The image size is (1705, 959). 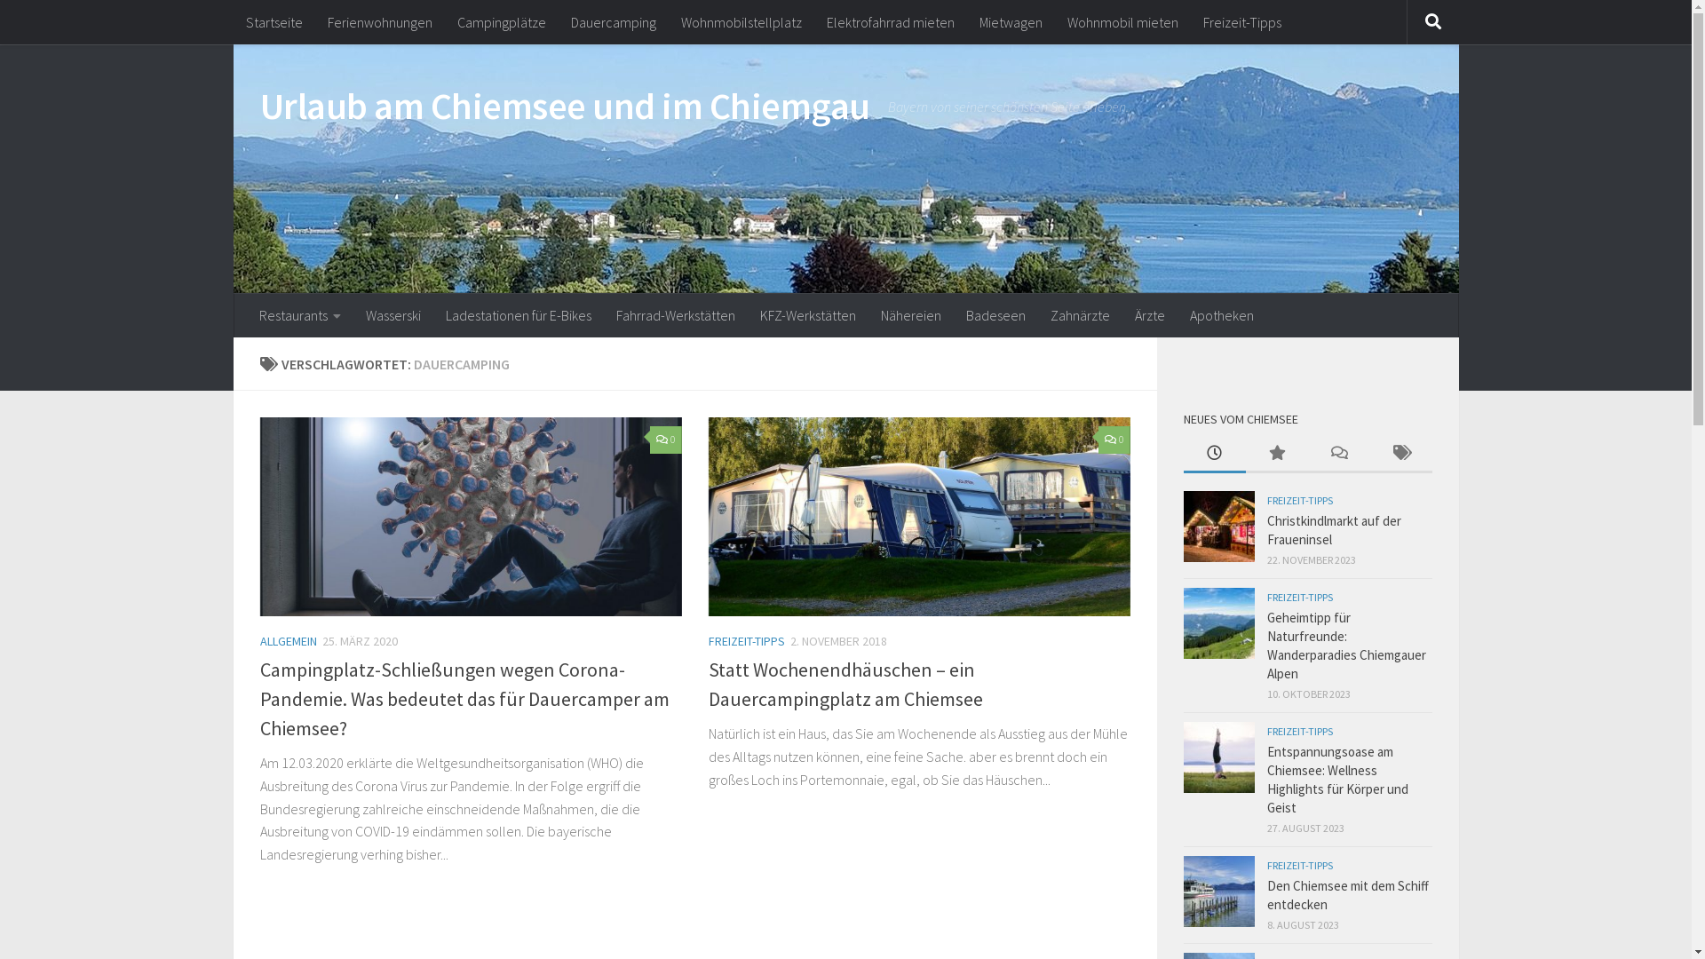 I want to click on 'Freizeit-Tipps', so click(x=1240, y=21).